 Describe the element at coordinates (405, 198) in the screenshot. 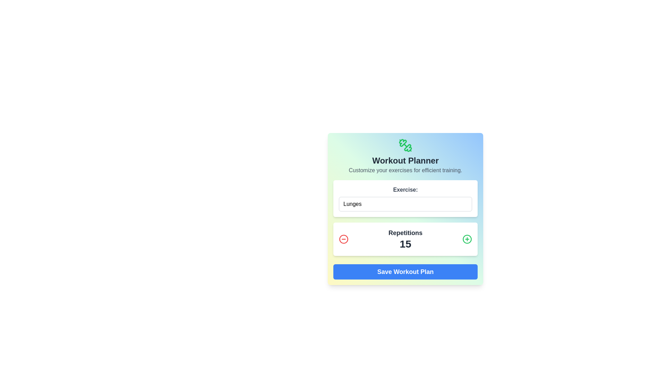

I see `the input field for entering the name of an exercise, located beneath the subtitle 'Customize your exercises for efficient training.'` at that location.